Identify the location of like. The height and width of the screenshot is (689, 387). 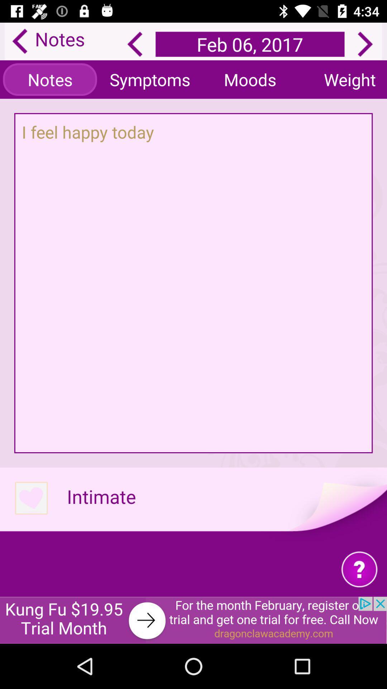
(31, 498).